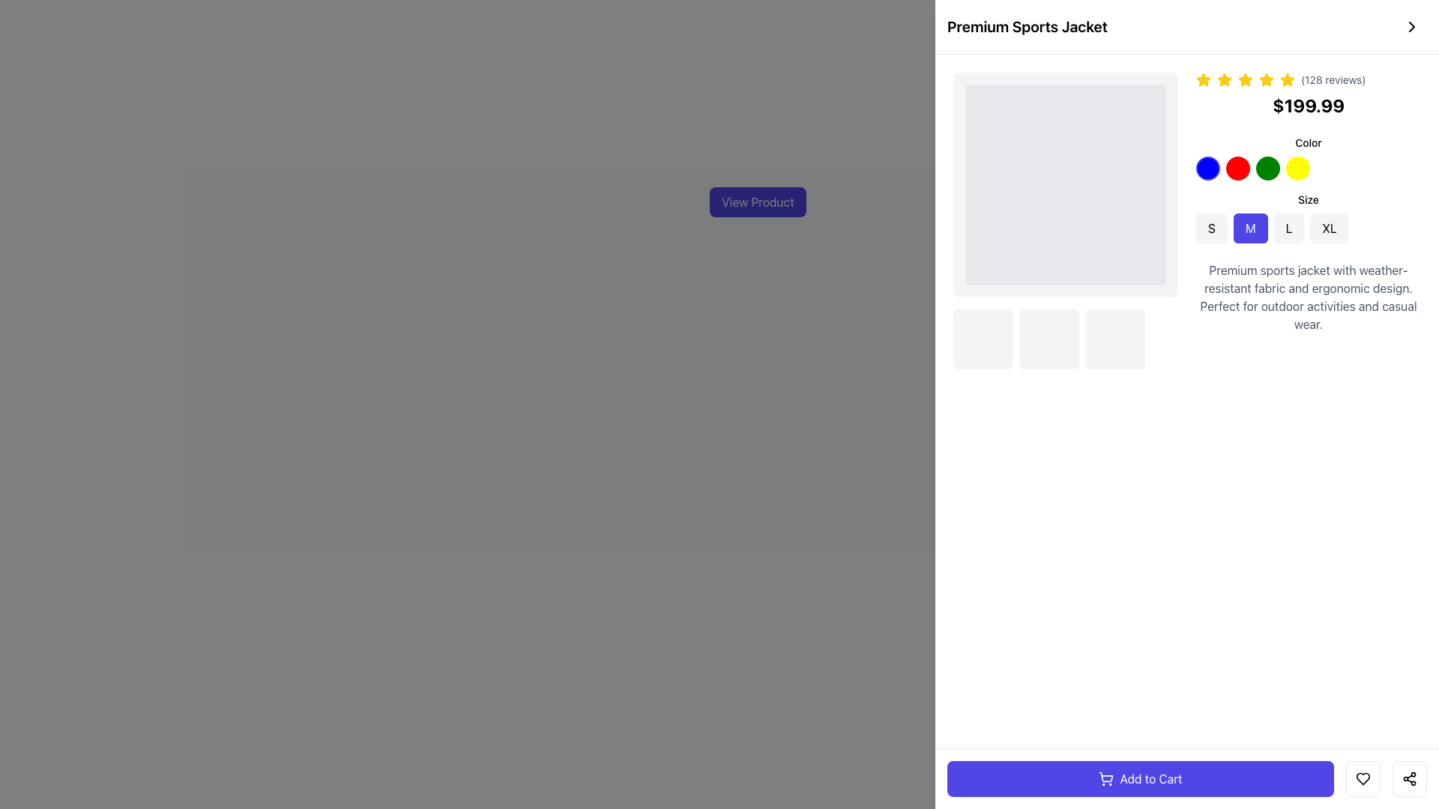  What do you see at coordinates (1049, 339) in the screenshot?
I see `the interactive block located in the center of the three horizontally aligned blocks under the product image` at bounding box center [1049, 339].